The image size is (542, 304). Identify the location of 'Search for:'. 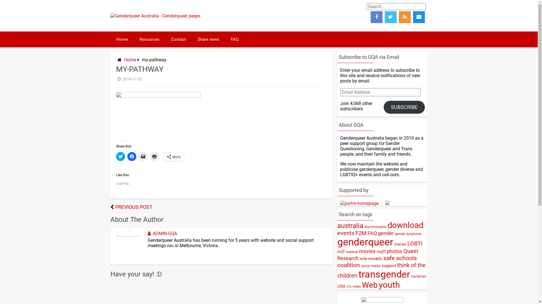
(367, 6).